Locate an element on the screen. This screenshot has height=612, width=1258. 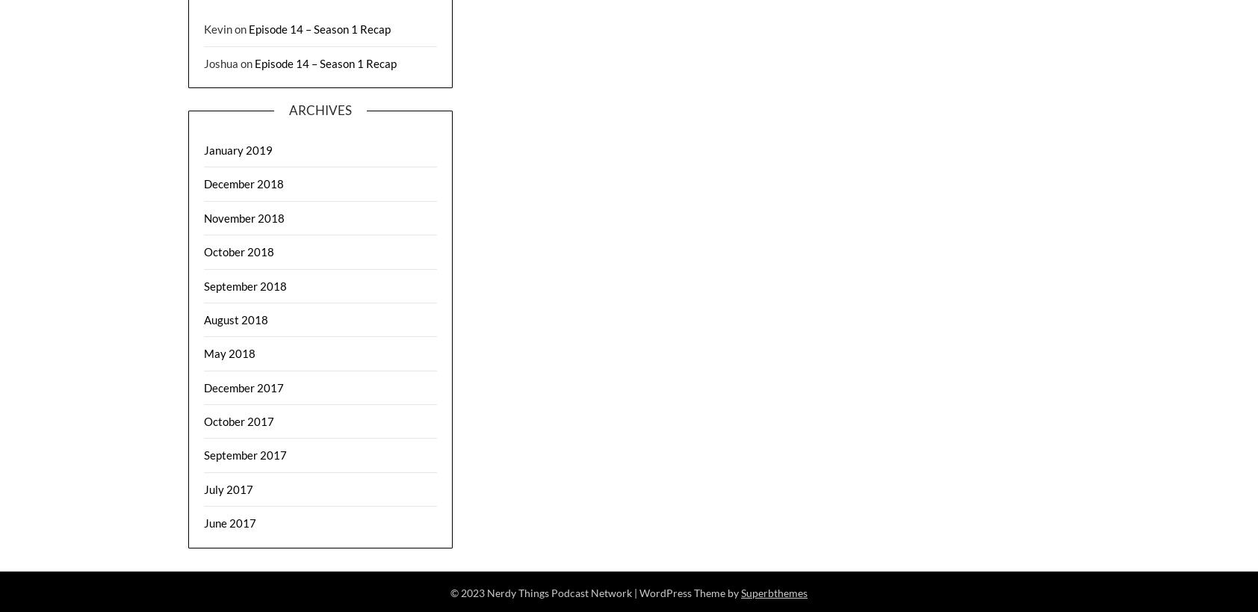
'October 2017' is located at coordinates (238, 421).